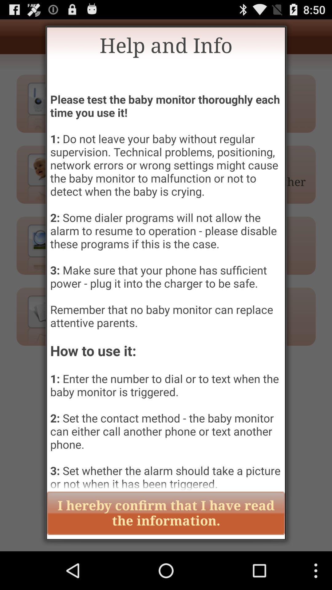  Describe the element at coordinates (166, 513) in the screenshot. I see `the i hereby confirm item` at that location.